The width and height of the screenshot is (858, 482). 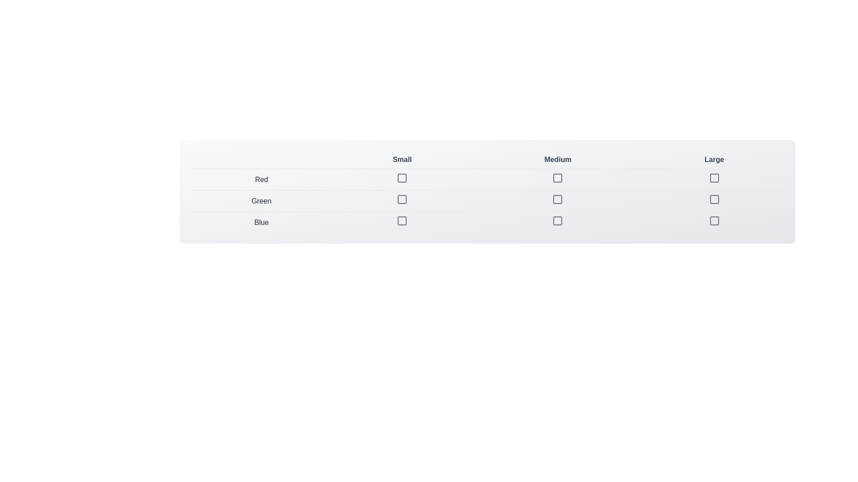 I want to click on the checkbox located in the third row under the label 'Blue' and the second column labeled 'Medium', so click(x=557, y=222).